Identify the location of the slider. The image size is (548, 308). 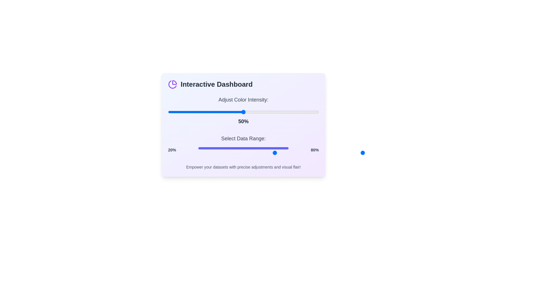
(290, 153).